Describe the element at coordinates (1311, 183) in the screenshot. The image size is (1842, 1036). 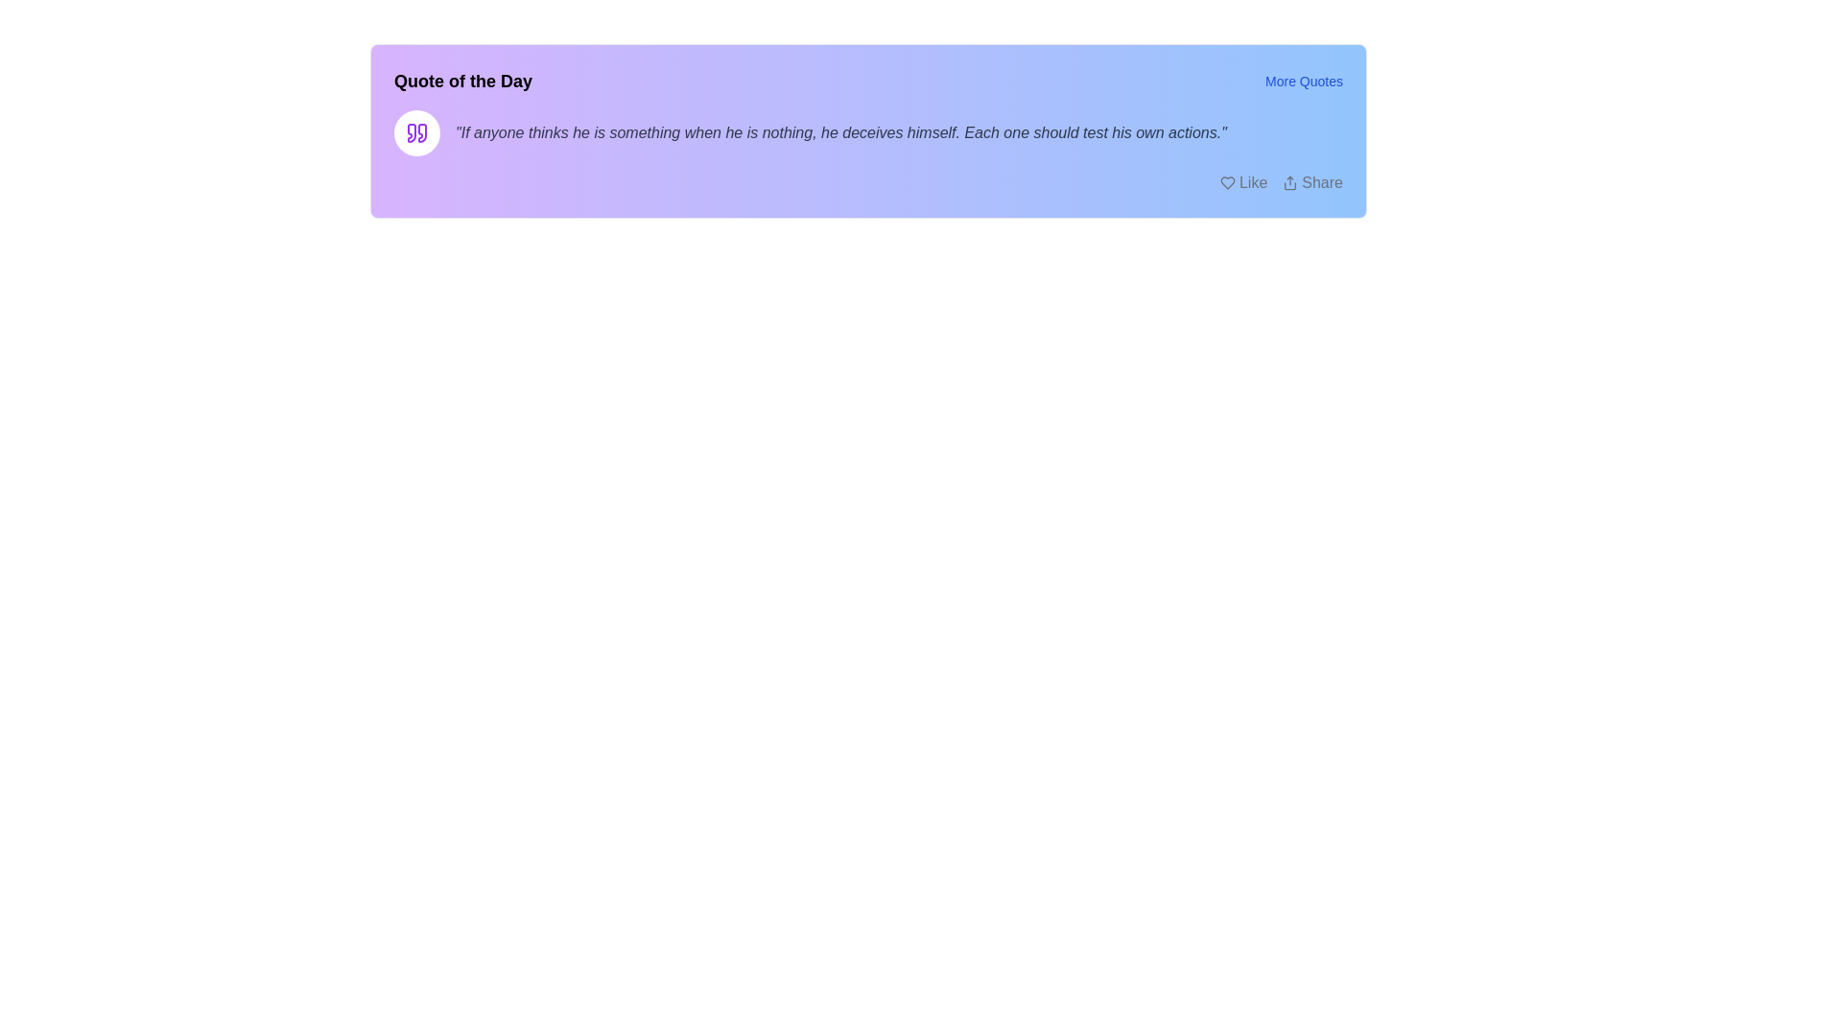
I see `the 'Share' button, which is styled with gray text that turns purple on hover and is located in the bottom-right area next to the 'Like' button` at that location.